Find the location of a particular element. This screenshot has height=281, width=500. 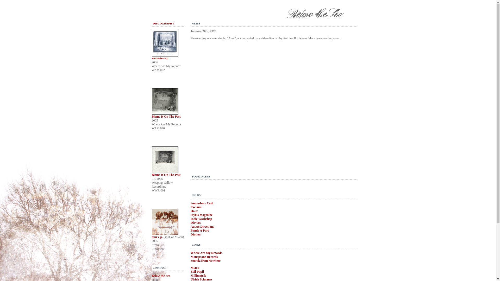

'Somewhere Cold' is located at coordinates (202, 203).